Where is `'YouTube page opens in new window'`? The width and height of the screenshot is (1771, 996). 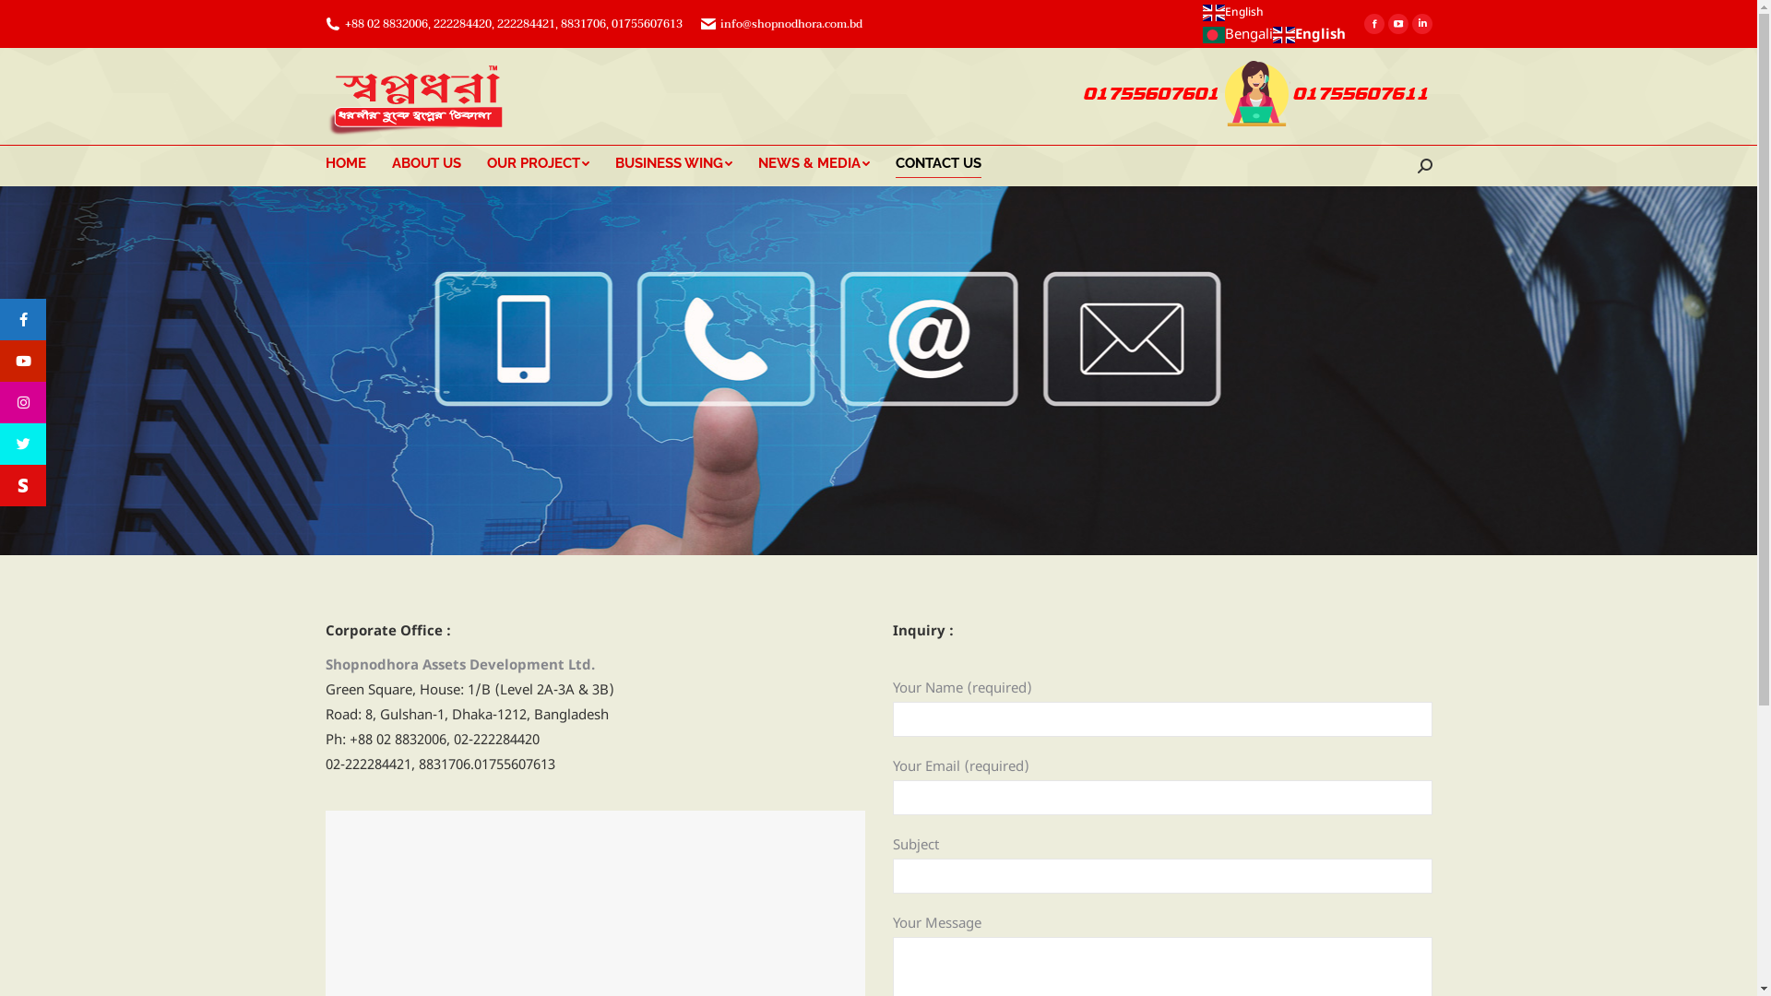
'YouTube page opens in new window' is located at coordinates (1397, 24).